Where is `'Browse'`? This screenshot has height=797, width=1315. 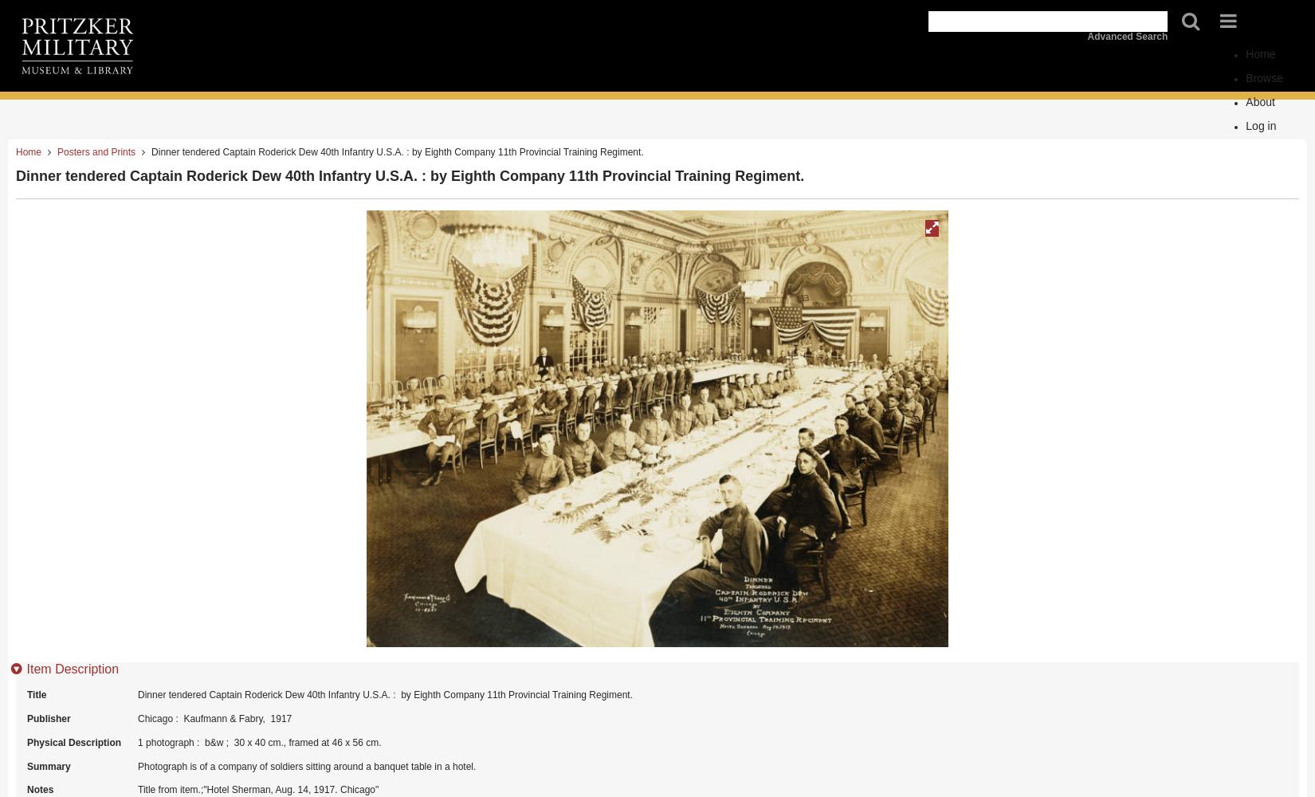
'Browse' is located at coordinates (1245, 77).